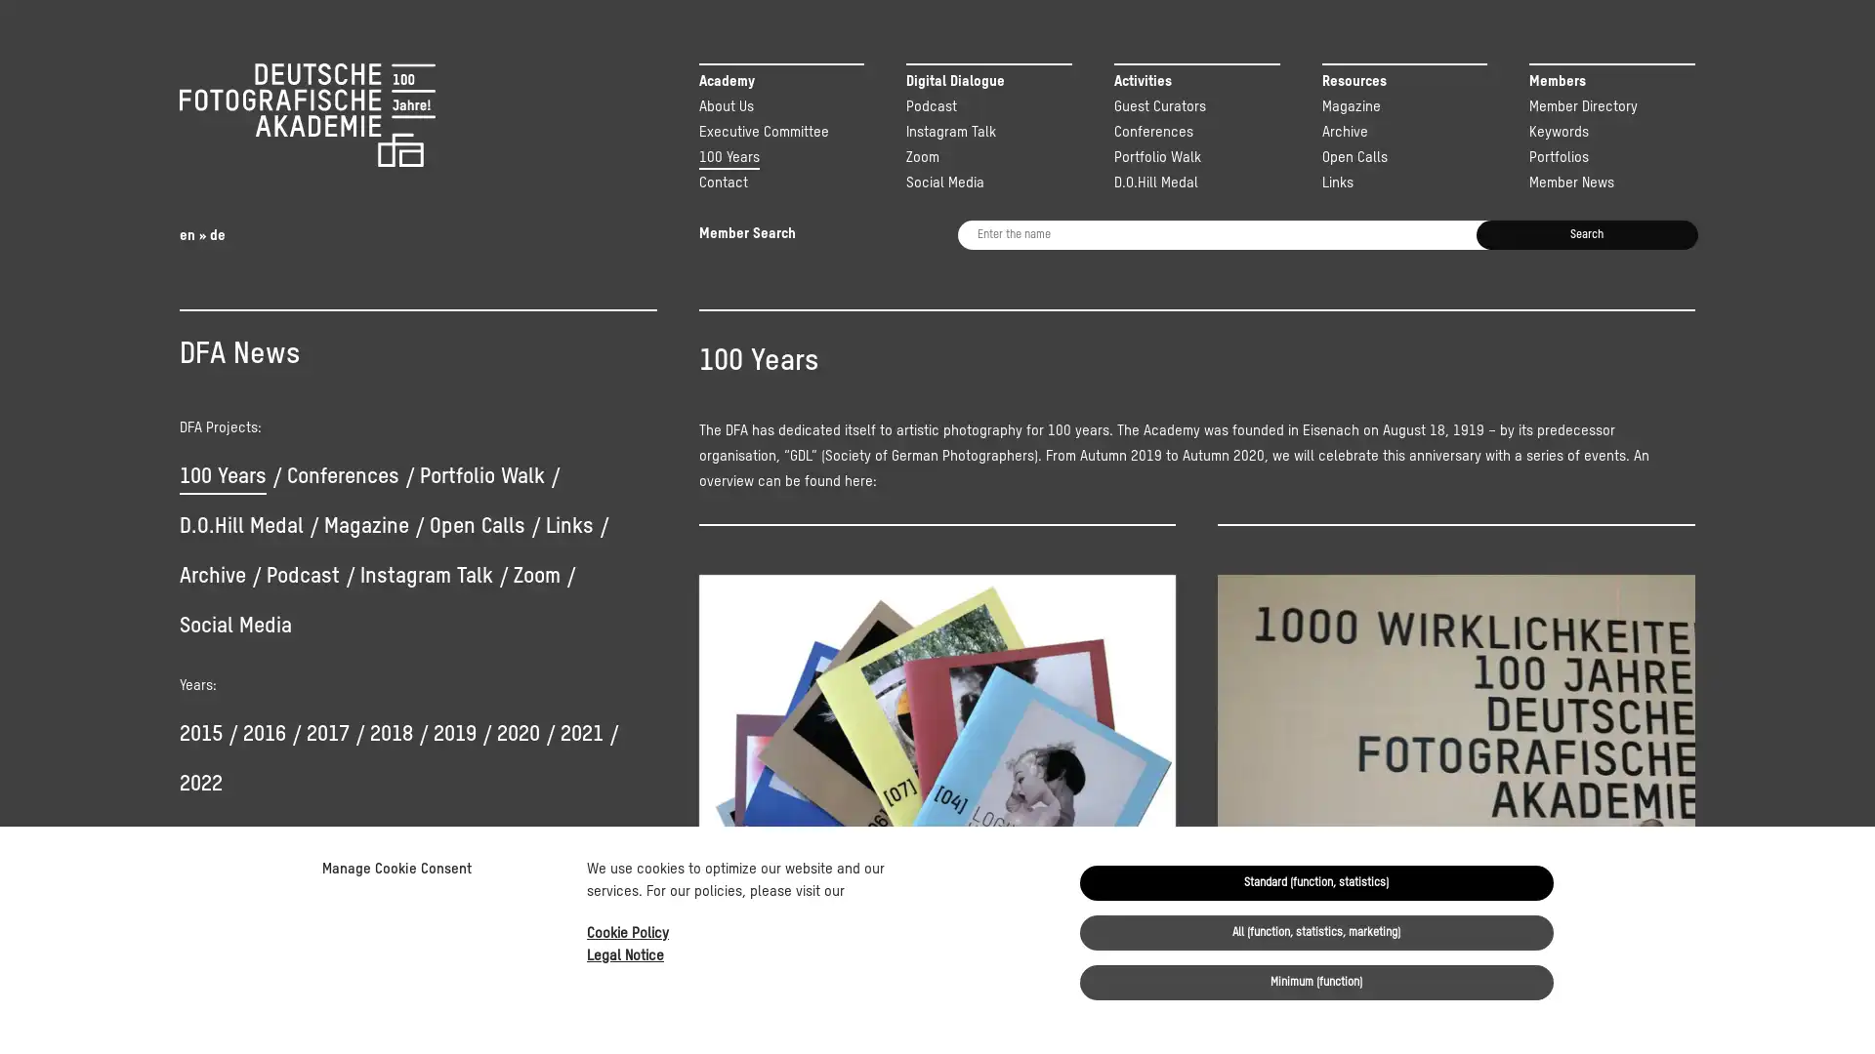 The image size is (1875, 1054). Describe the element at coordinates (537, 575) in the screenshot. I see `Zoom` at that location.